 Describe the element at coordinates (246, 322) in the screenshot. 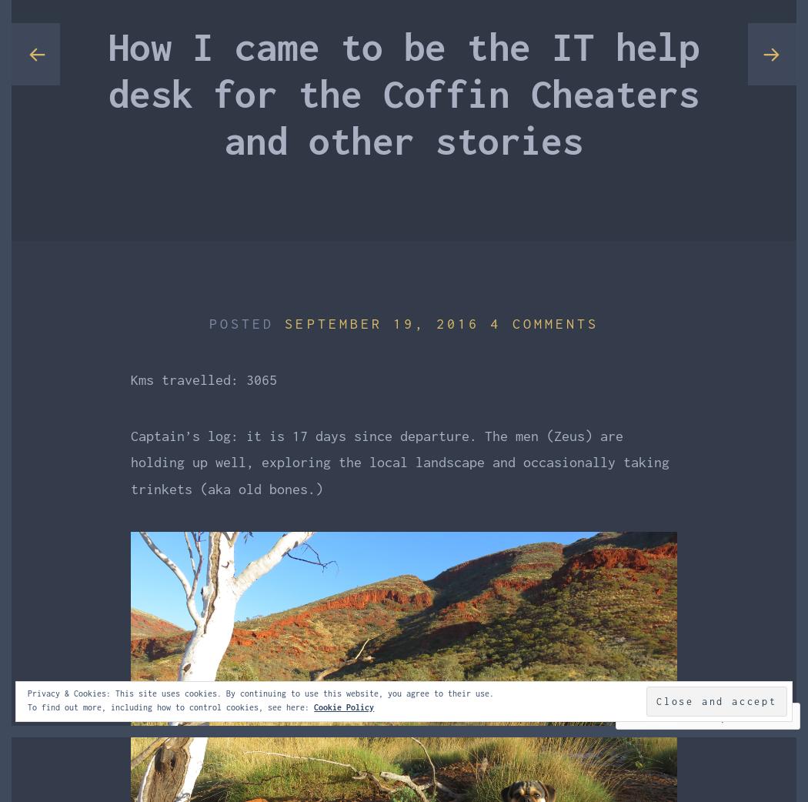

I see `'Posted'` at that location.